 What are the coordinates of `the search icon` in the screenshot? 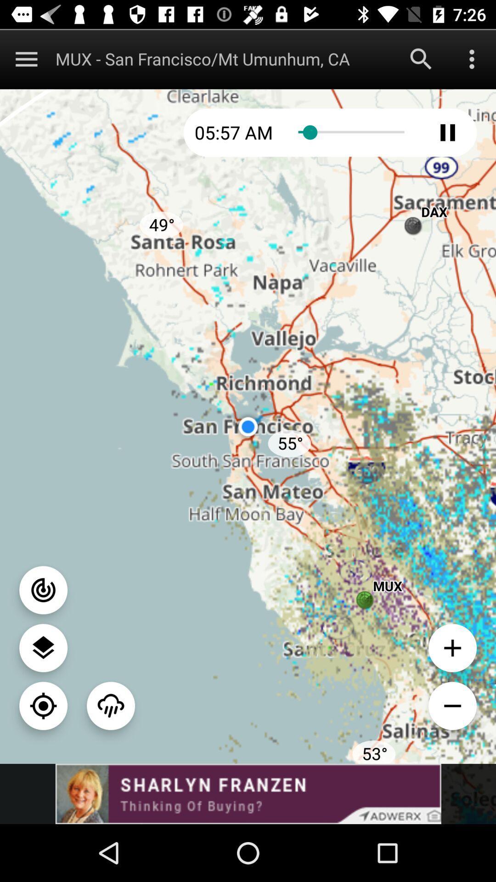 It's located at (421, 58).